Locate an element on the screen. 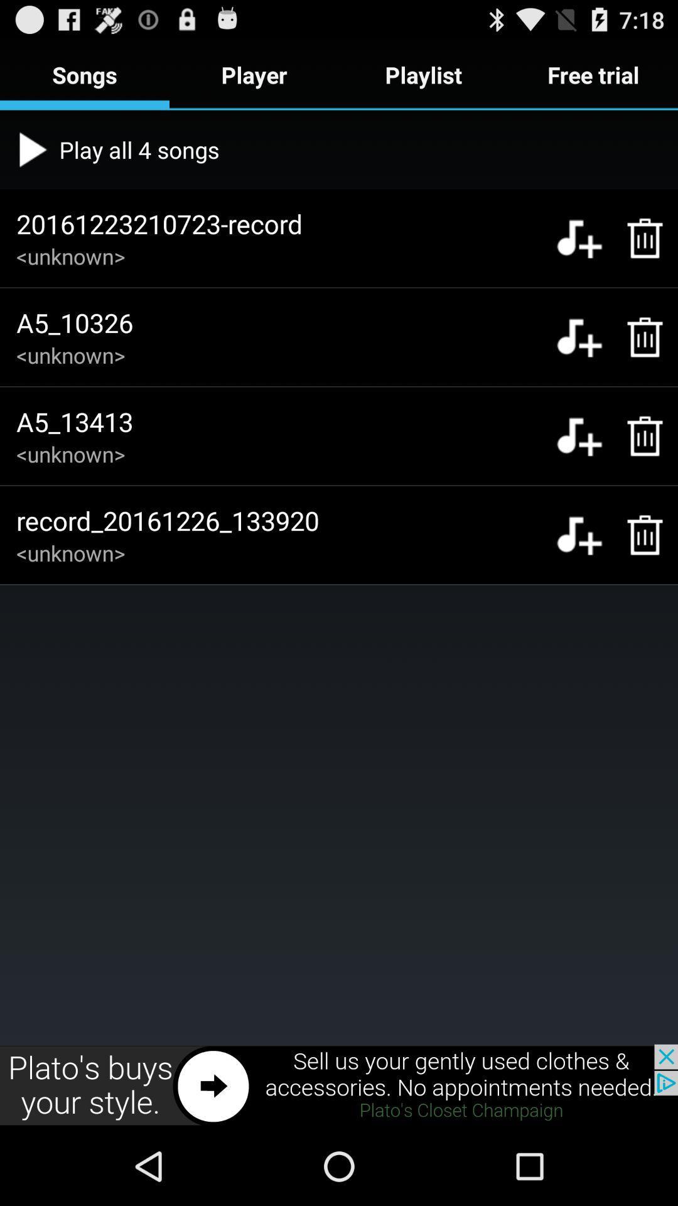 This screenshot has width=678, height=1206. delete entry is located at coordinates (638, 436).